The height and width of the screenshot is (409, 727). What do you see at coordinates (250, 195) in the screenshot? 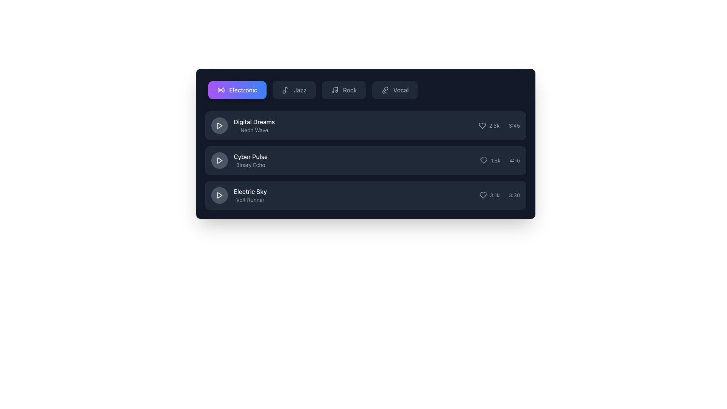
I see `the text label displaying 'Electric Sky' and 'Volt Runner'` at bounding box center [250, 195].